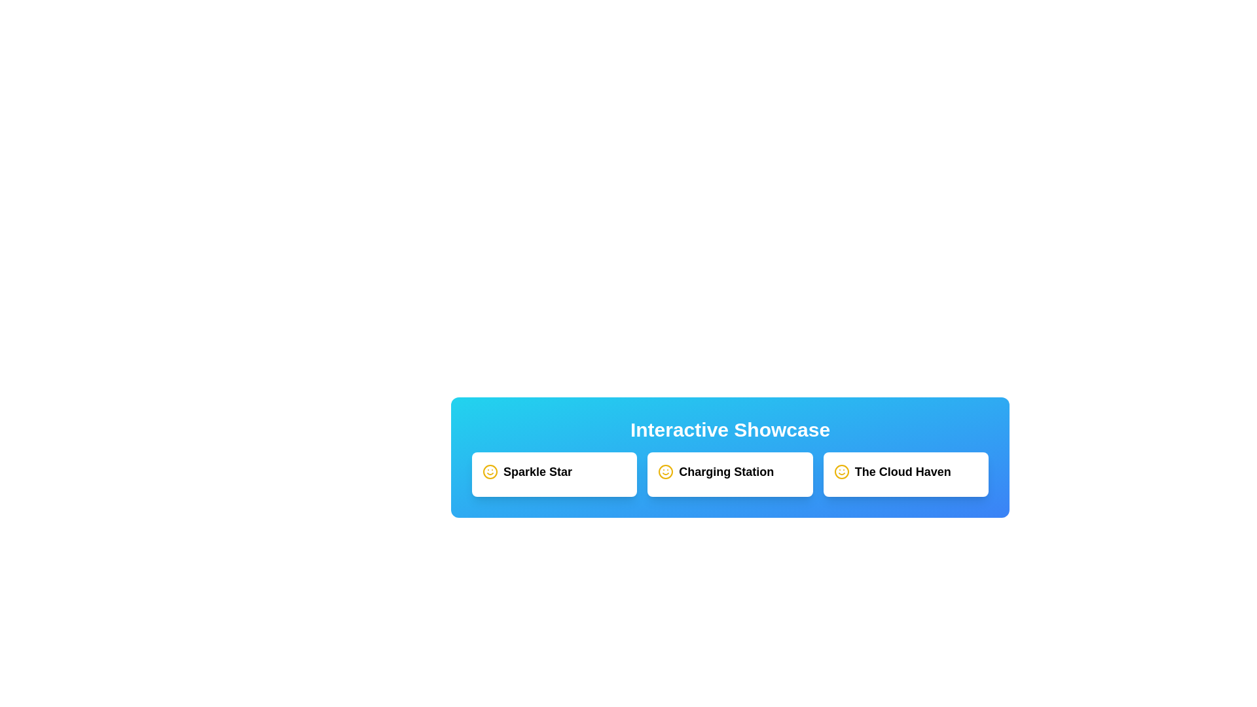 The image size is (1257, 707). I want to click on the Label with Icon element that displays the text 'Charging Station' and has a yellow smiley face icon to its left, so click(729, 472).